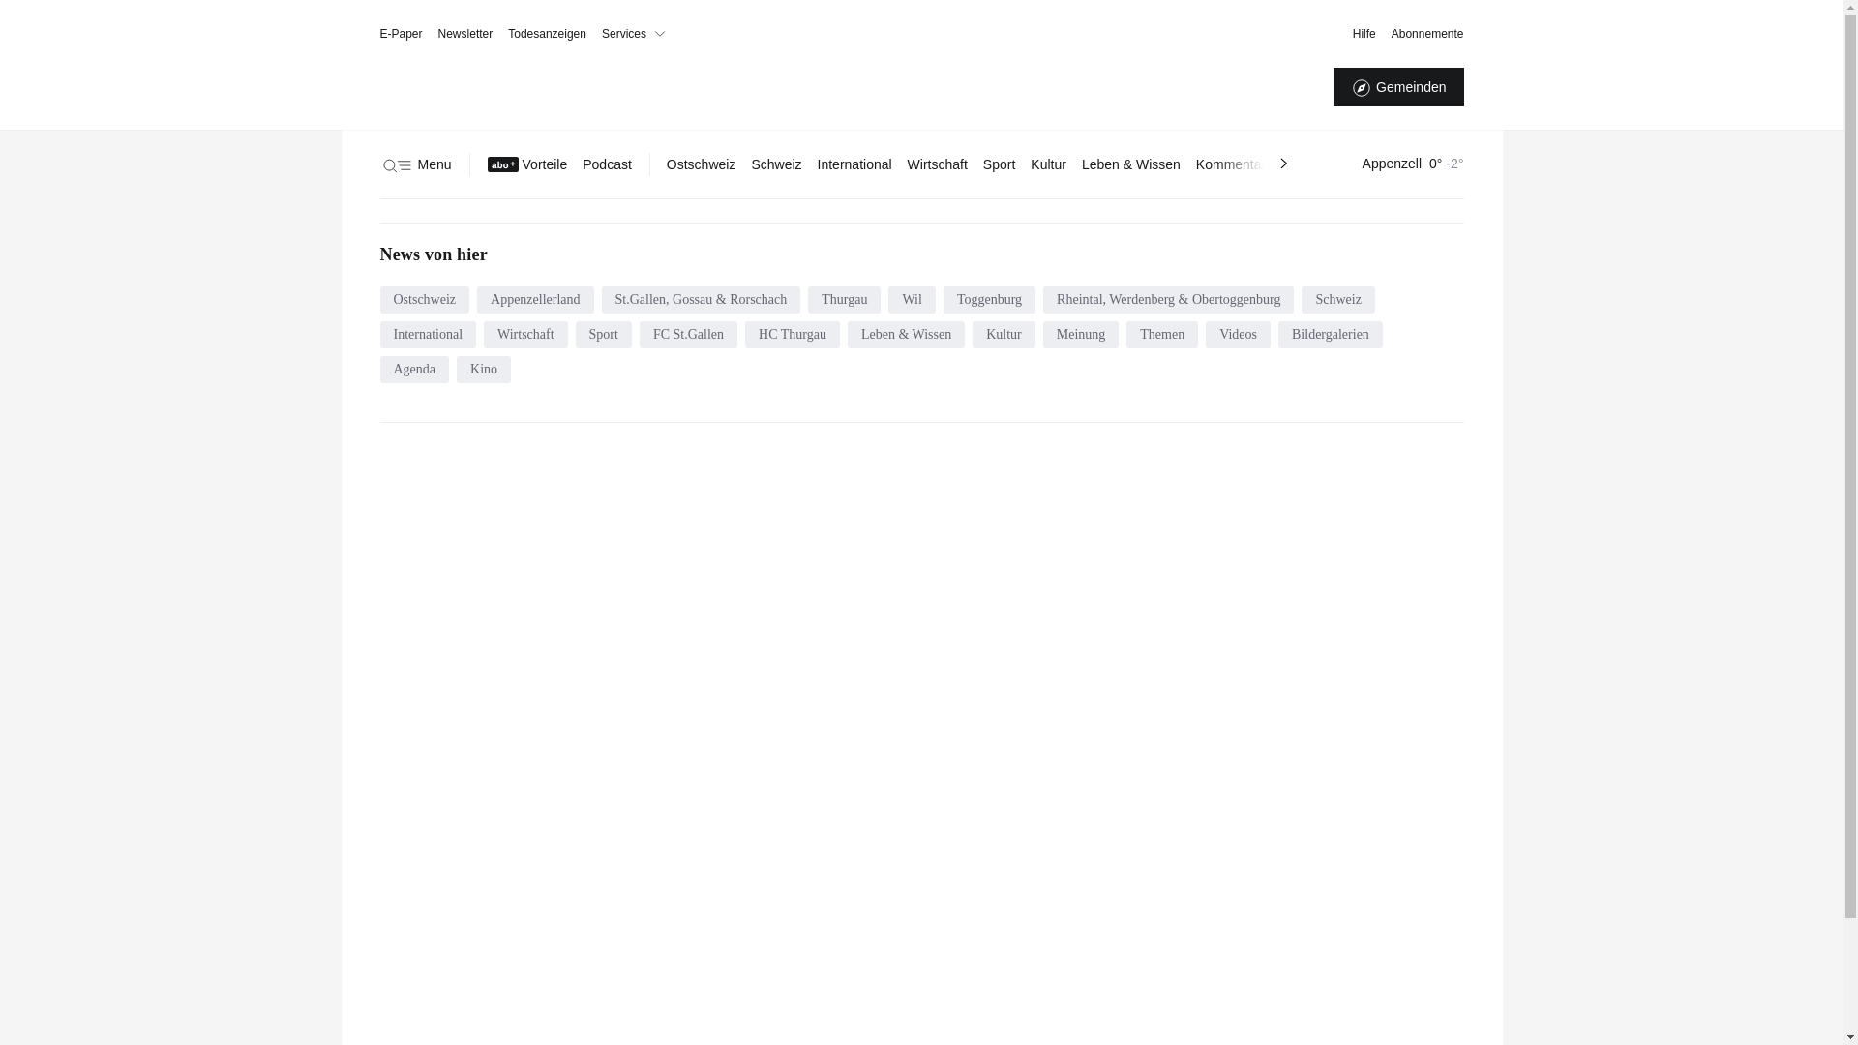  I want to click on 'Services', so click(637, 33).